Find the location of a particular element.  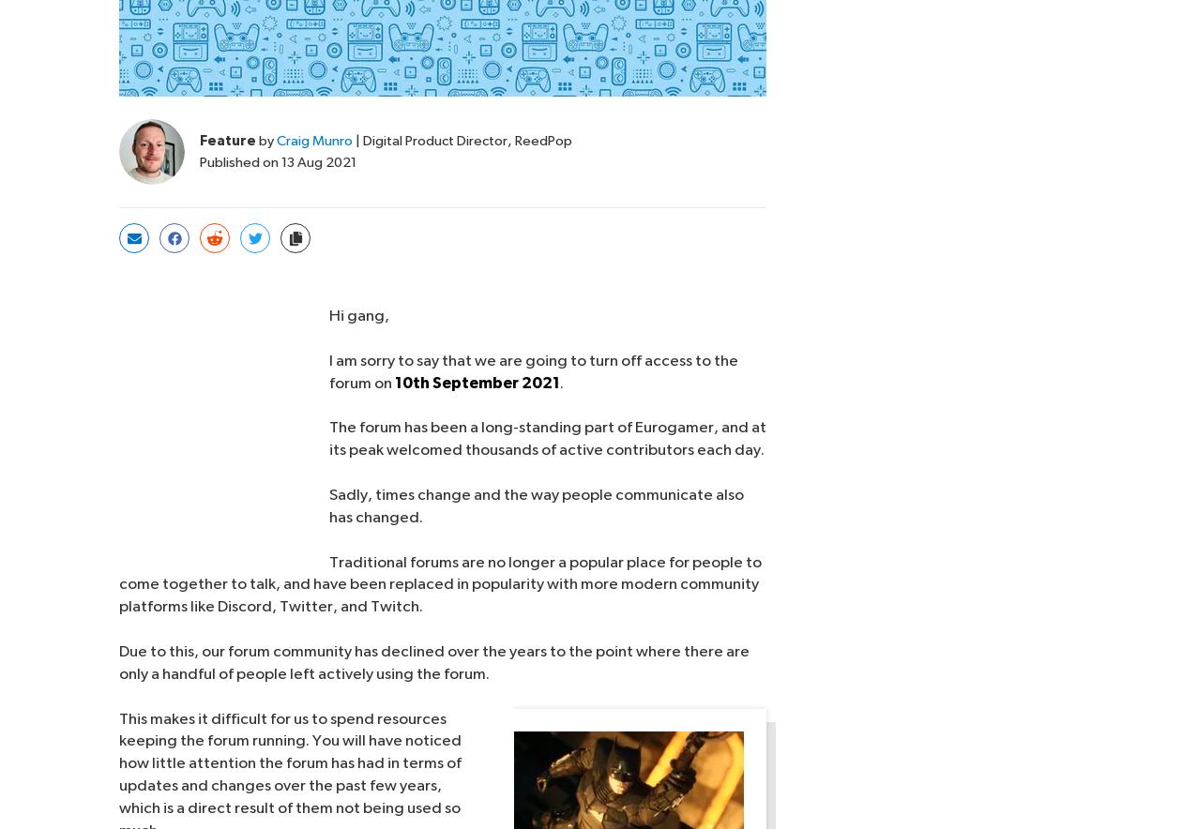

'Editorial Policy' is located at coordinates (583, 798).